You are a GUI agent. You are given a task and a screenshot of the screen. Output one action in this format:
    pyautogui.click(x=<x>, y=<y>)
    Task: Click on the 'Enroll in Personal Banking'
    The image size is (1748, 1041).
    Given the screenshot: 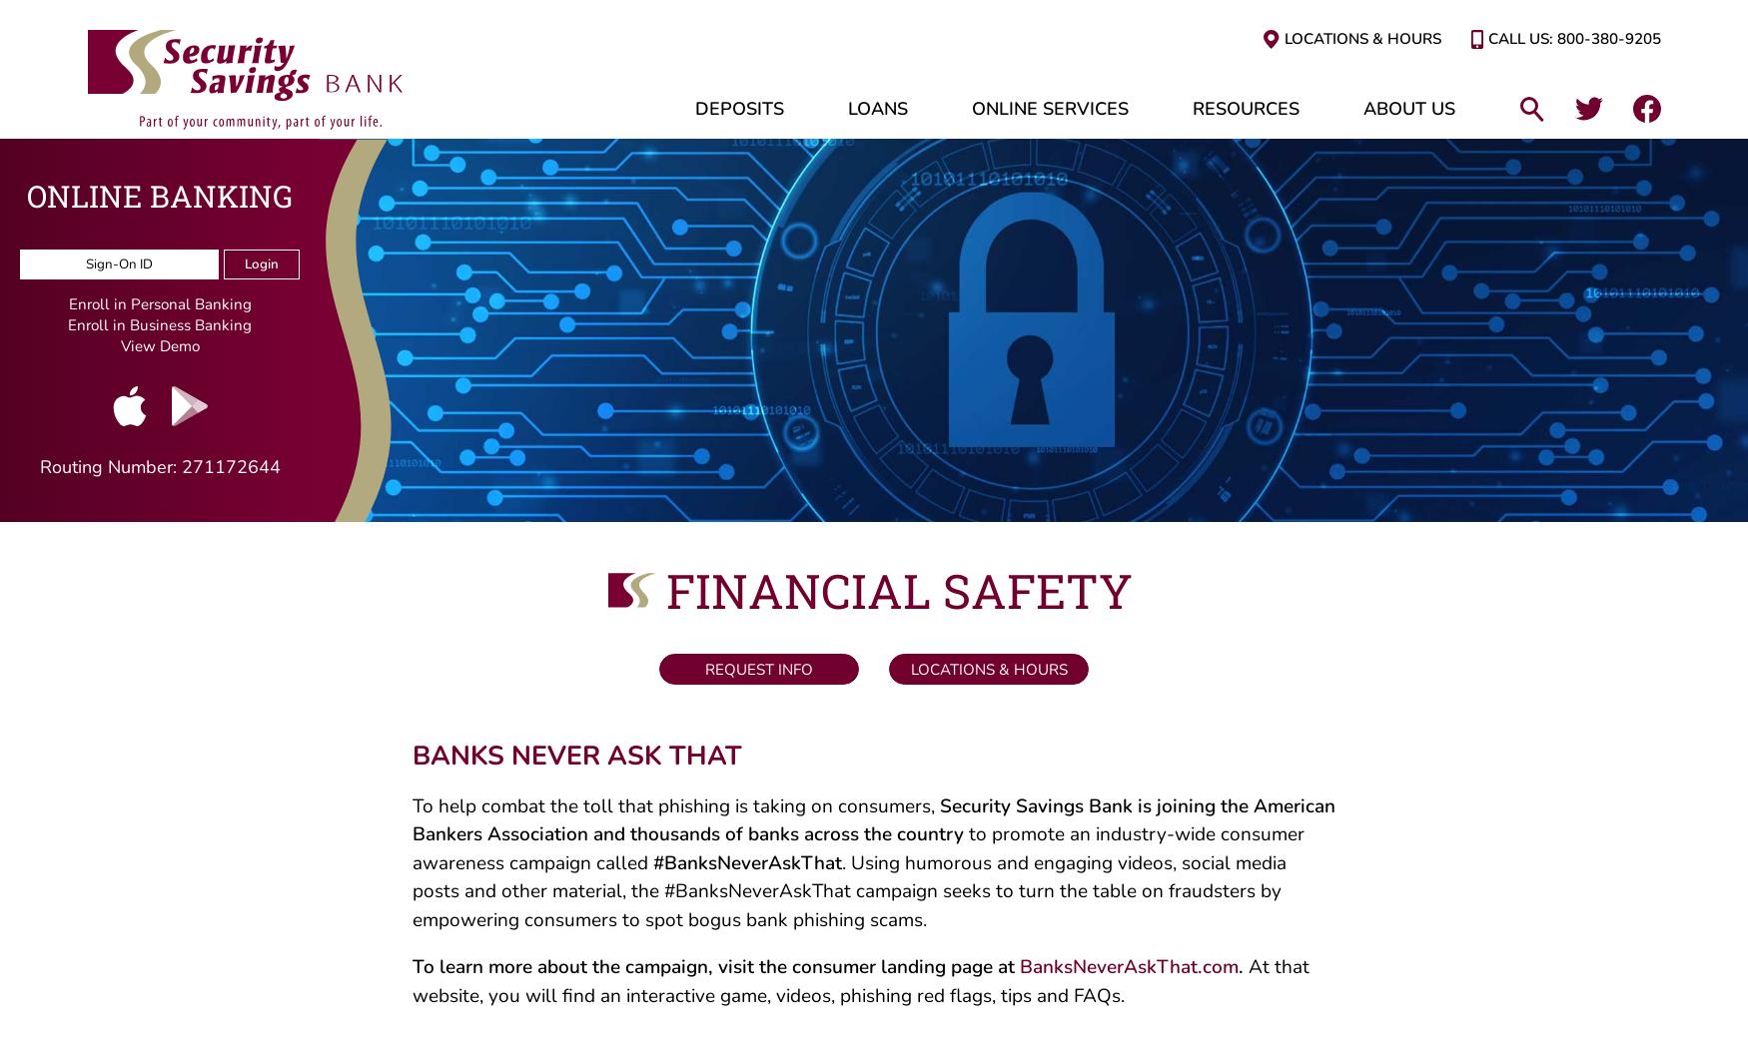 What is the action you would take?
    pyautogui.click(x=158, y=309)
    